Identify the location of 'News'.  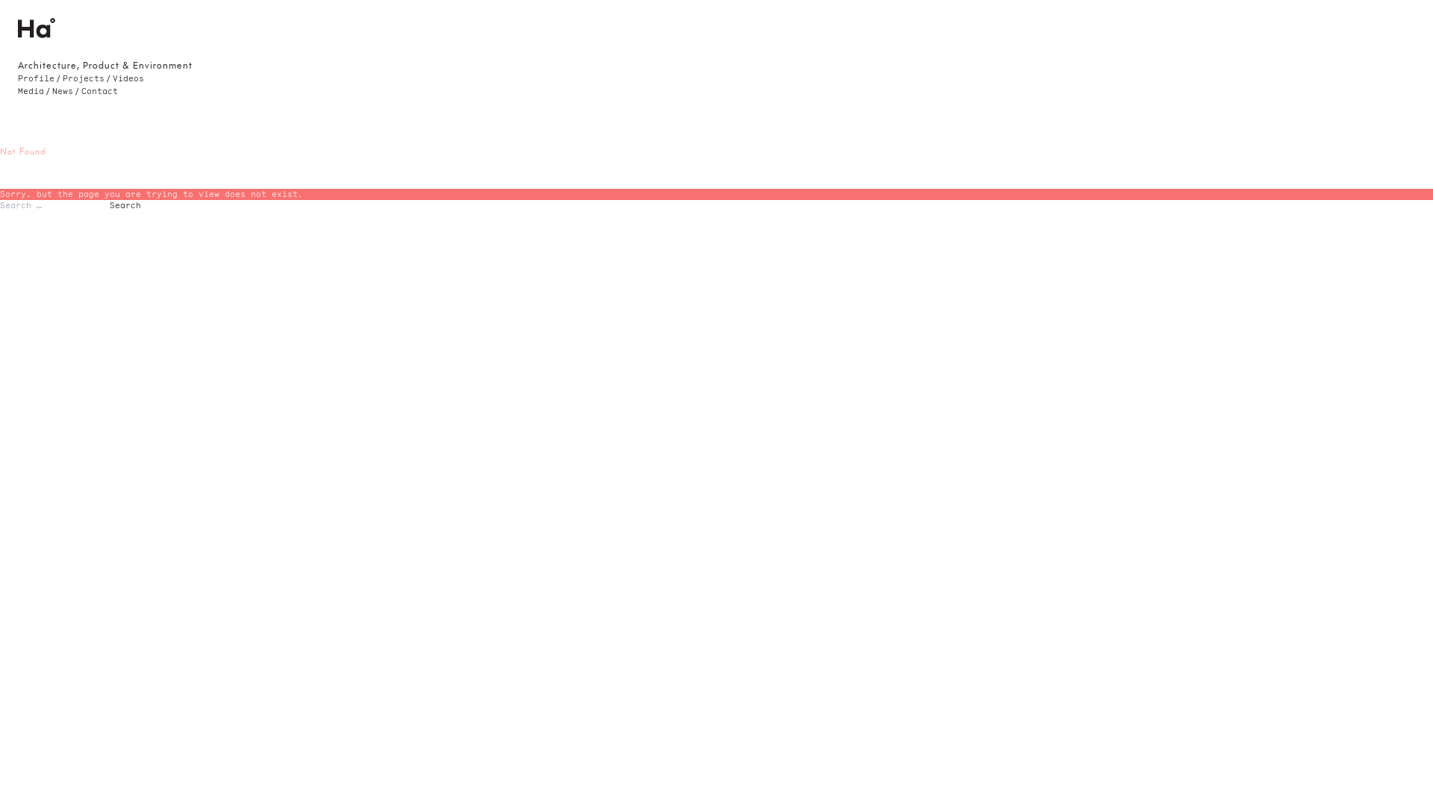
(61, 91).